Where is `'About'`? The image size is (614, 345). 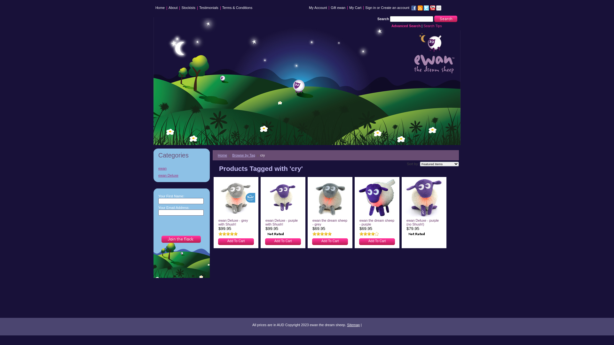 'About' is located at coordinates (173, 9).